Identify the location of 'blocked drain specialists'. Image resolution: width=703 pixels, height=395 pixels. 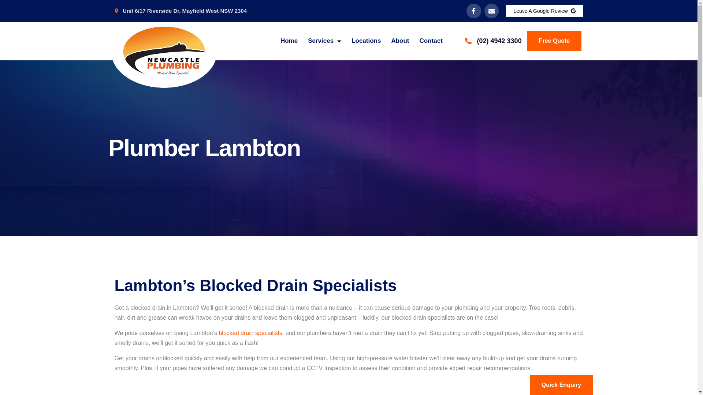
(218, 333).